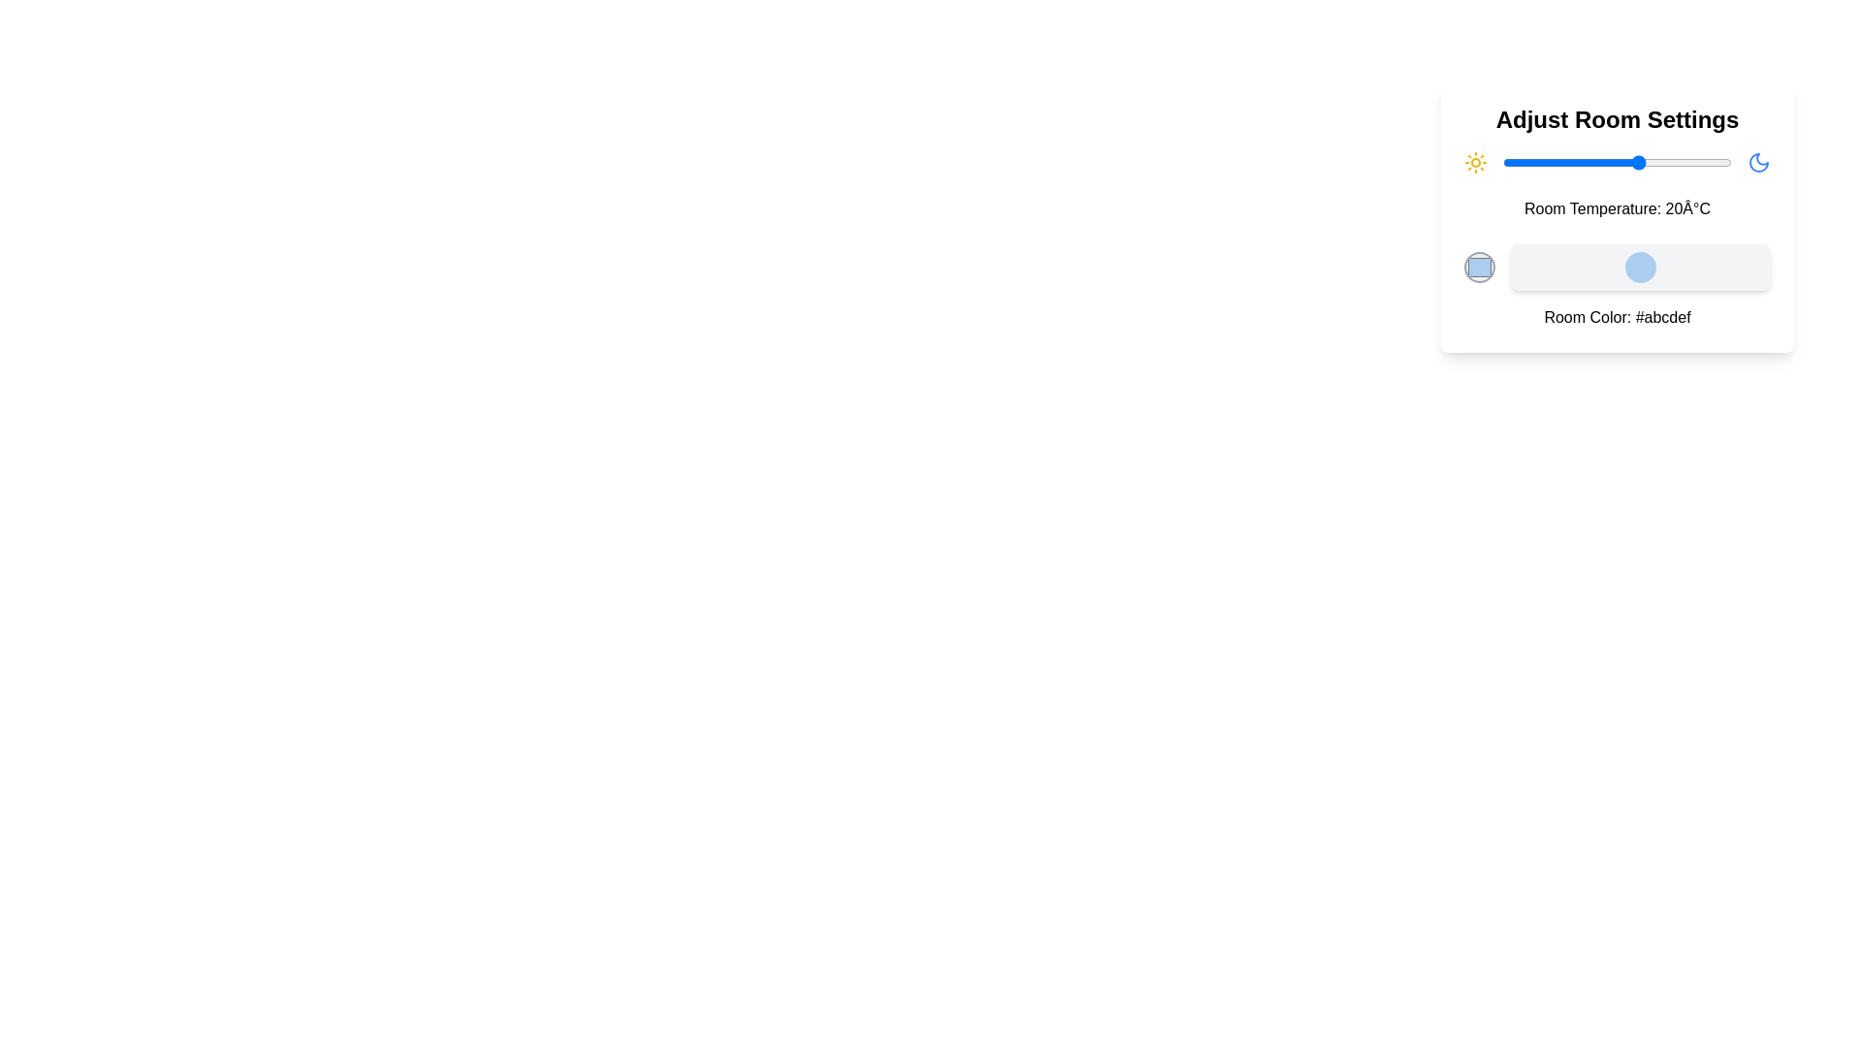 This screenshot has width=1862, height=1047. Describe the element at coordinates (1479, 268) in the screenshot. I see `the color picker to open the color selection dialog` at that location.